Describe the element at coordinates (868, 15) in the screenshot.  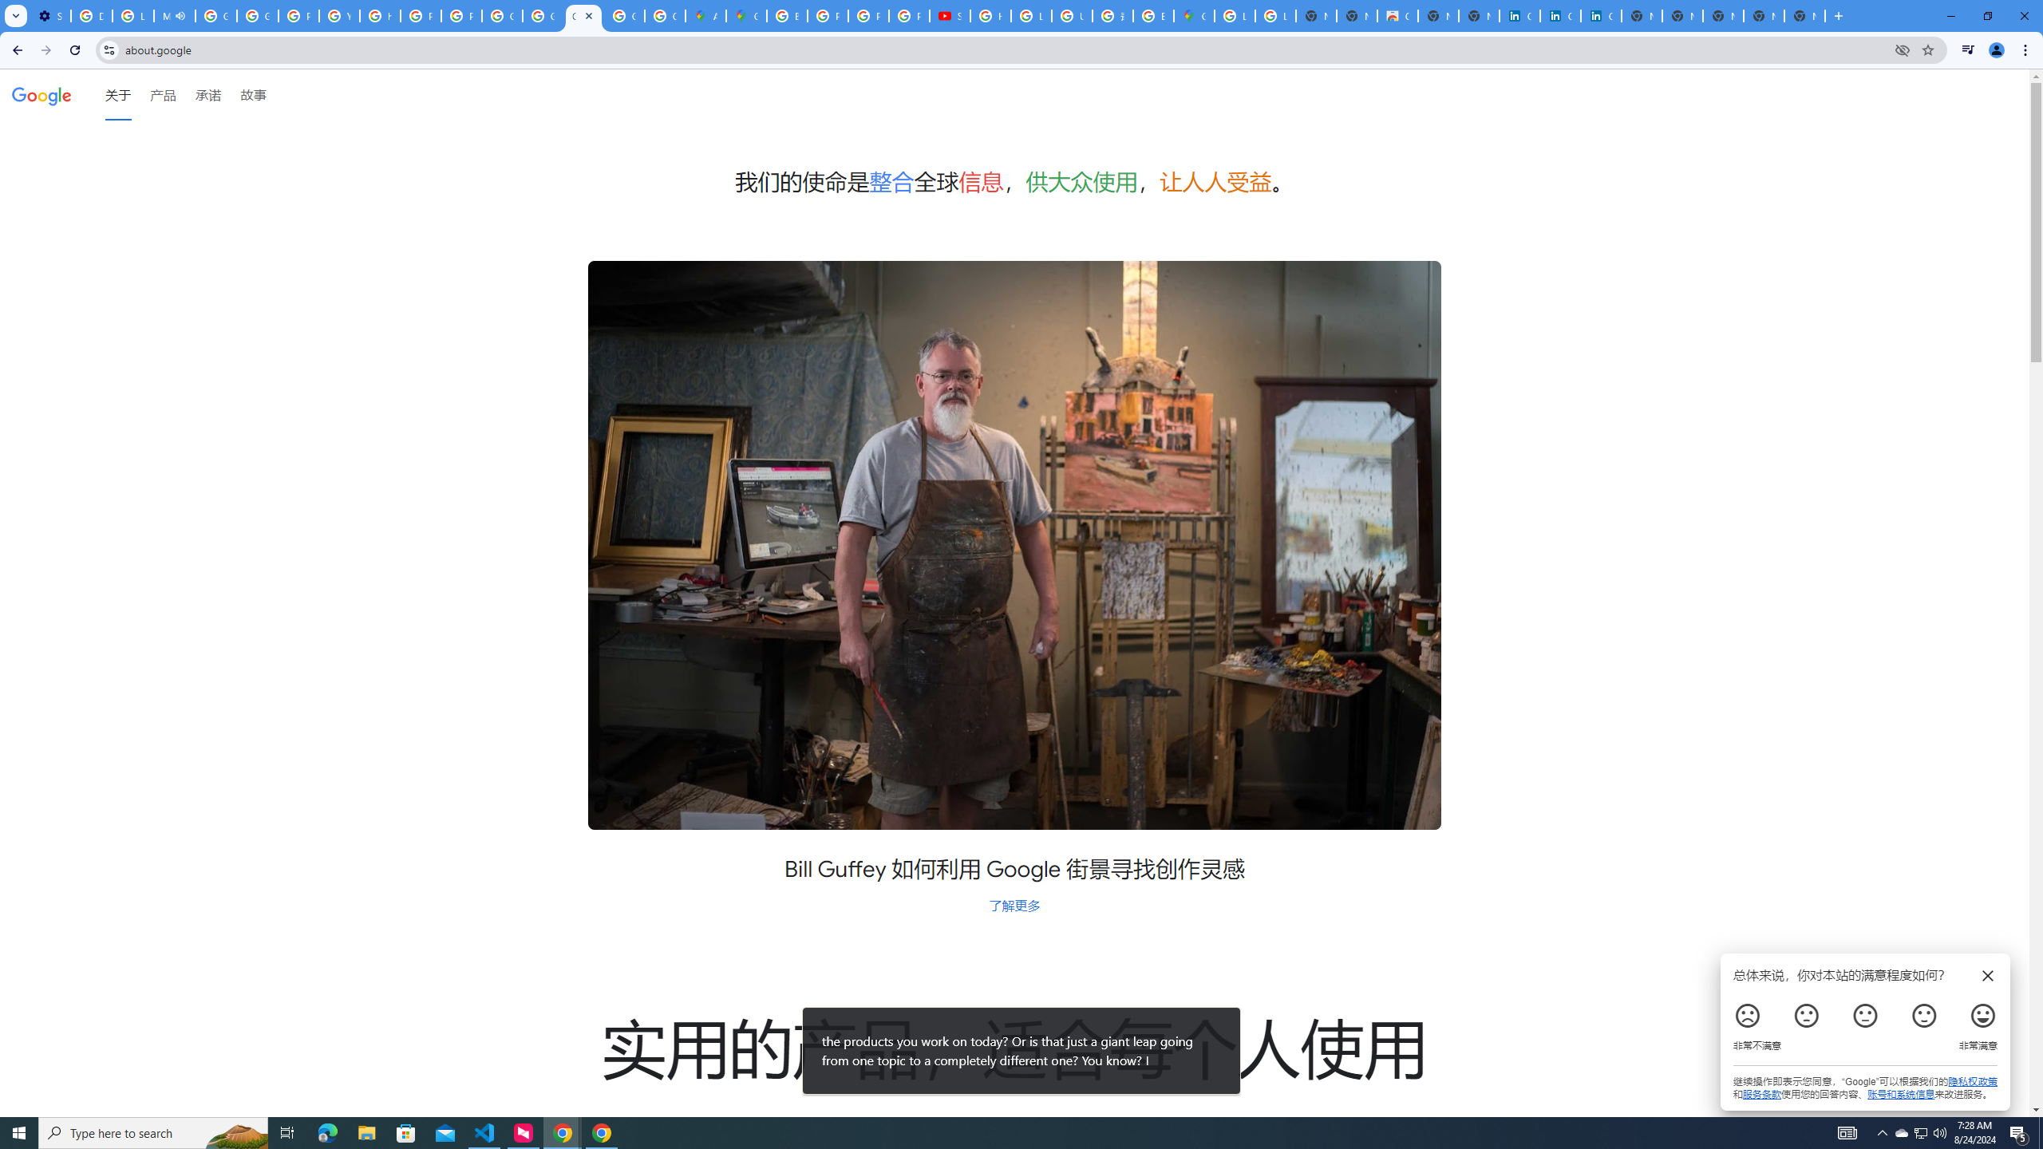
I see `'Privacy Help Center - Policies Help'` at that location.